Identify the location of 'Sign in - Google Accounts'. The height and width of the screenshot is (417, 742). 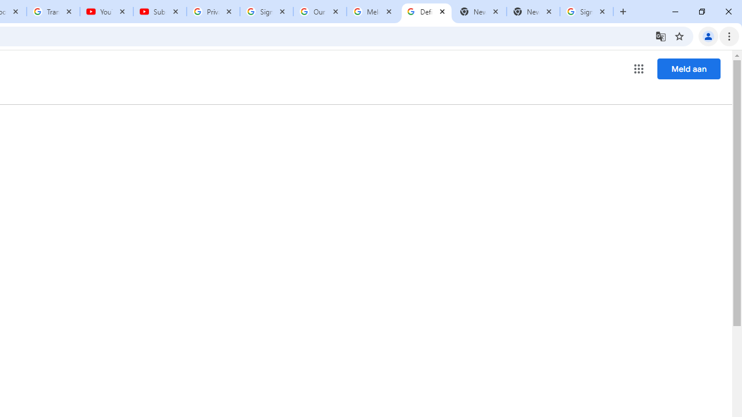
(265, 12).